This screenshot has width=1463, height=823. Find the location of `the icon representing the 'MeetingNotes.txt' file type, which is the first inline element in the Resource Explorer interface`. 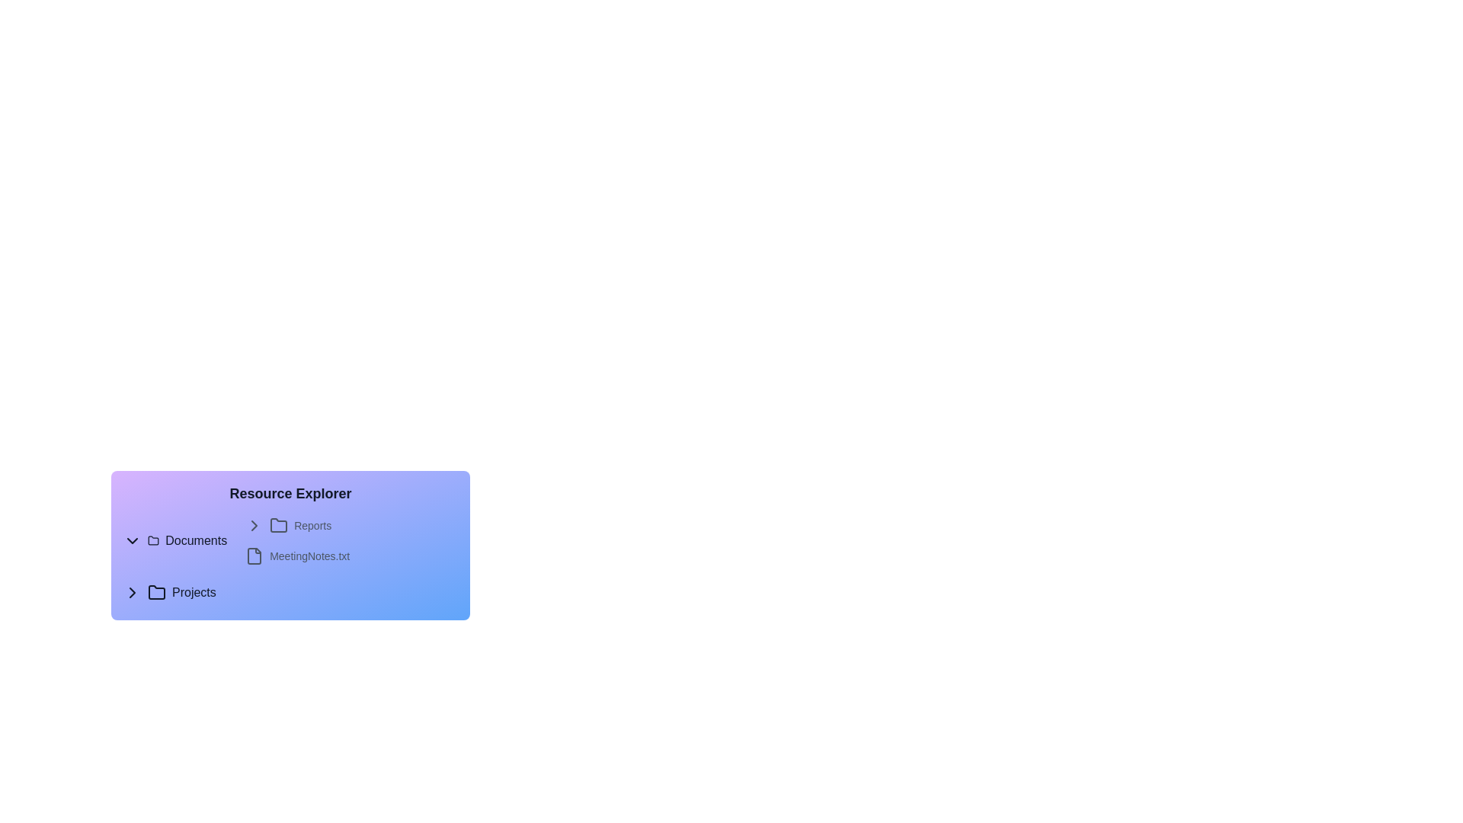

the icon representing the 'MeetingNotes.txt' file type, which is the first inline element in the Resource Explorer interface is located at coordinates (255, 556).